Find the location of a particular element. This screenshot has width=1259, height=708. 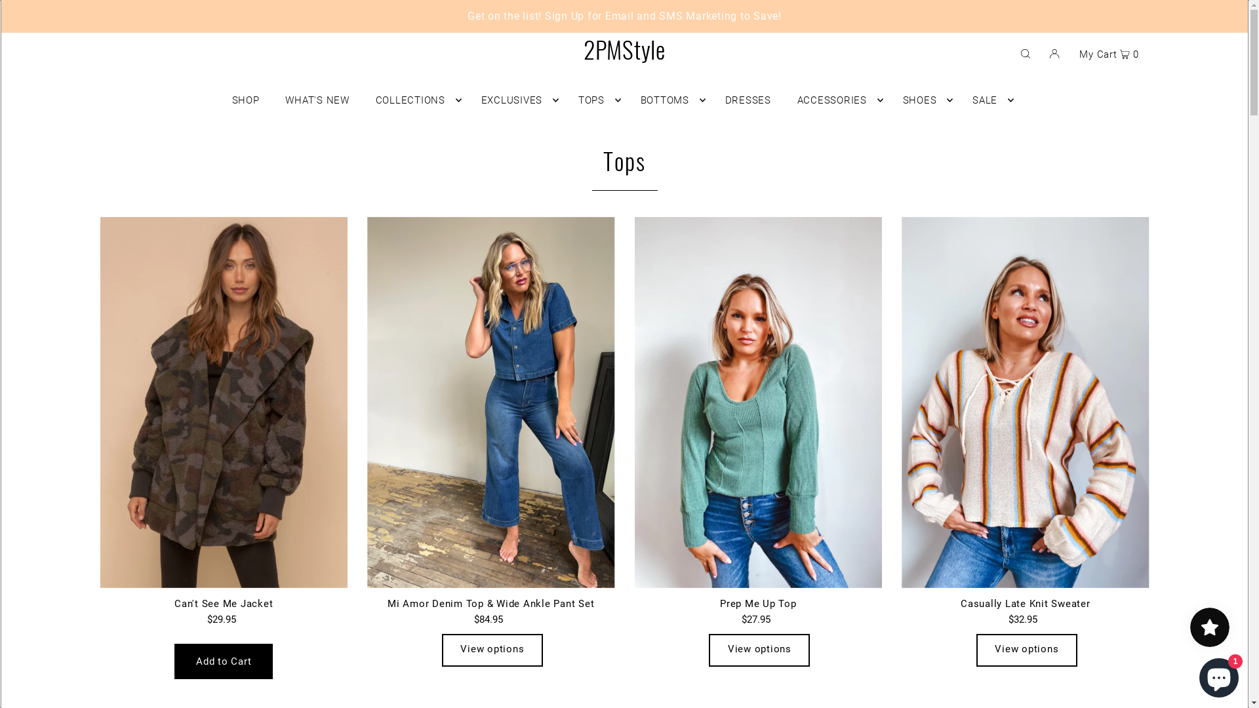

'DRESSES' is located at coordinates (748, 100).